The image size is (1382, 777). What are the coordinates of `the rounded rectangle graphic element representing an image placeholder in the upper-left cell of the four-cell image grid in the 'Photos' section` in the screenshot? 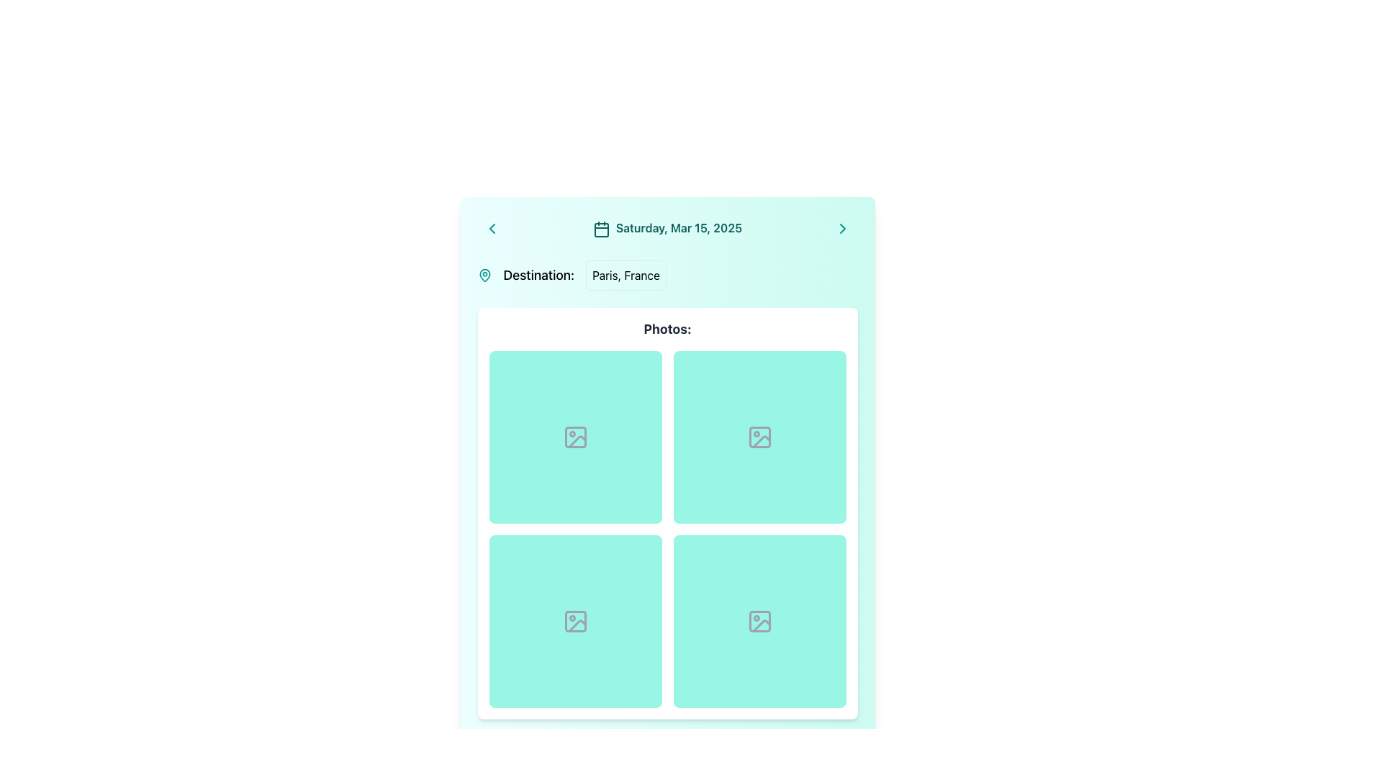 It's located at (574, 437).